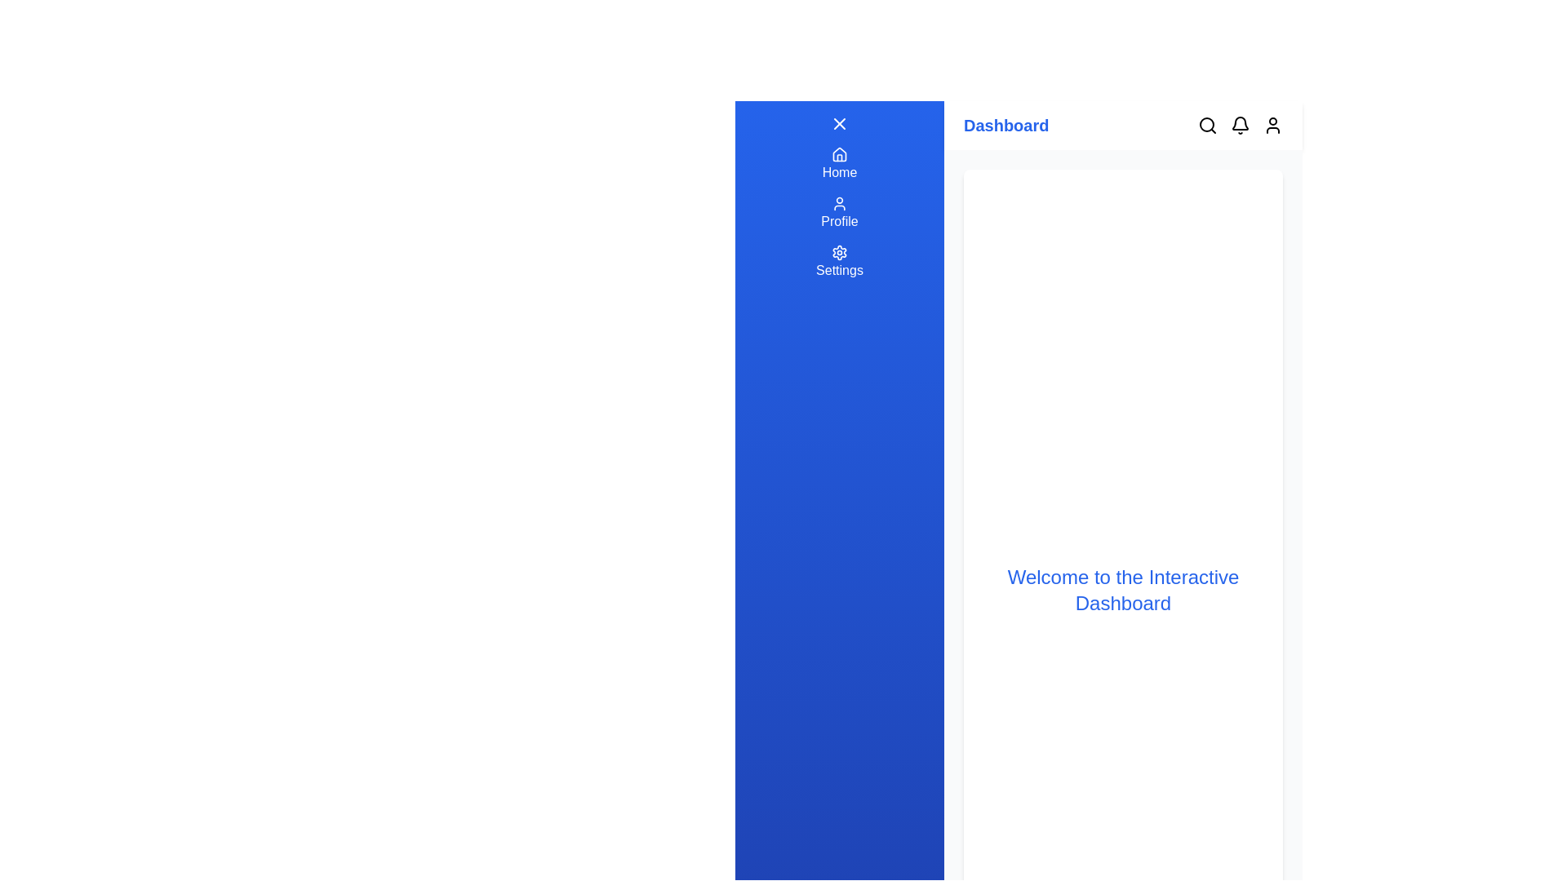  Describe the element at coordinates (839, 172) in the screenshot. I see `the 'Home' text label located in the blue sidebar navigation menu underneath the house icon` at that location.